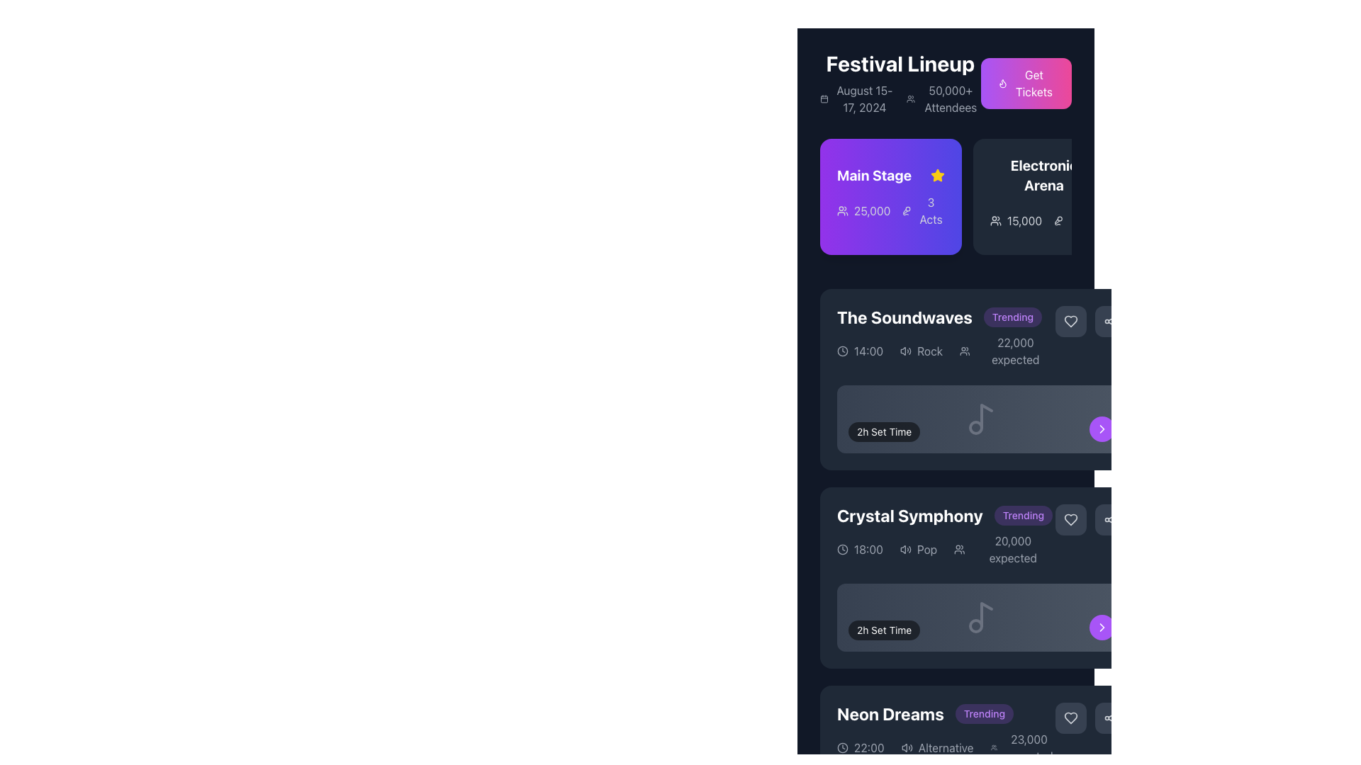 This screenshot has width=1361, height=765. Describe the element at coordinates (1090, 322) in the screenshot. I see `the heart icon in the interactive button group to like the event associated with 'The Soundwaves' listing` at that location.